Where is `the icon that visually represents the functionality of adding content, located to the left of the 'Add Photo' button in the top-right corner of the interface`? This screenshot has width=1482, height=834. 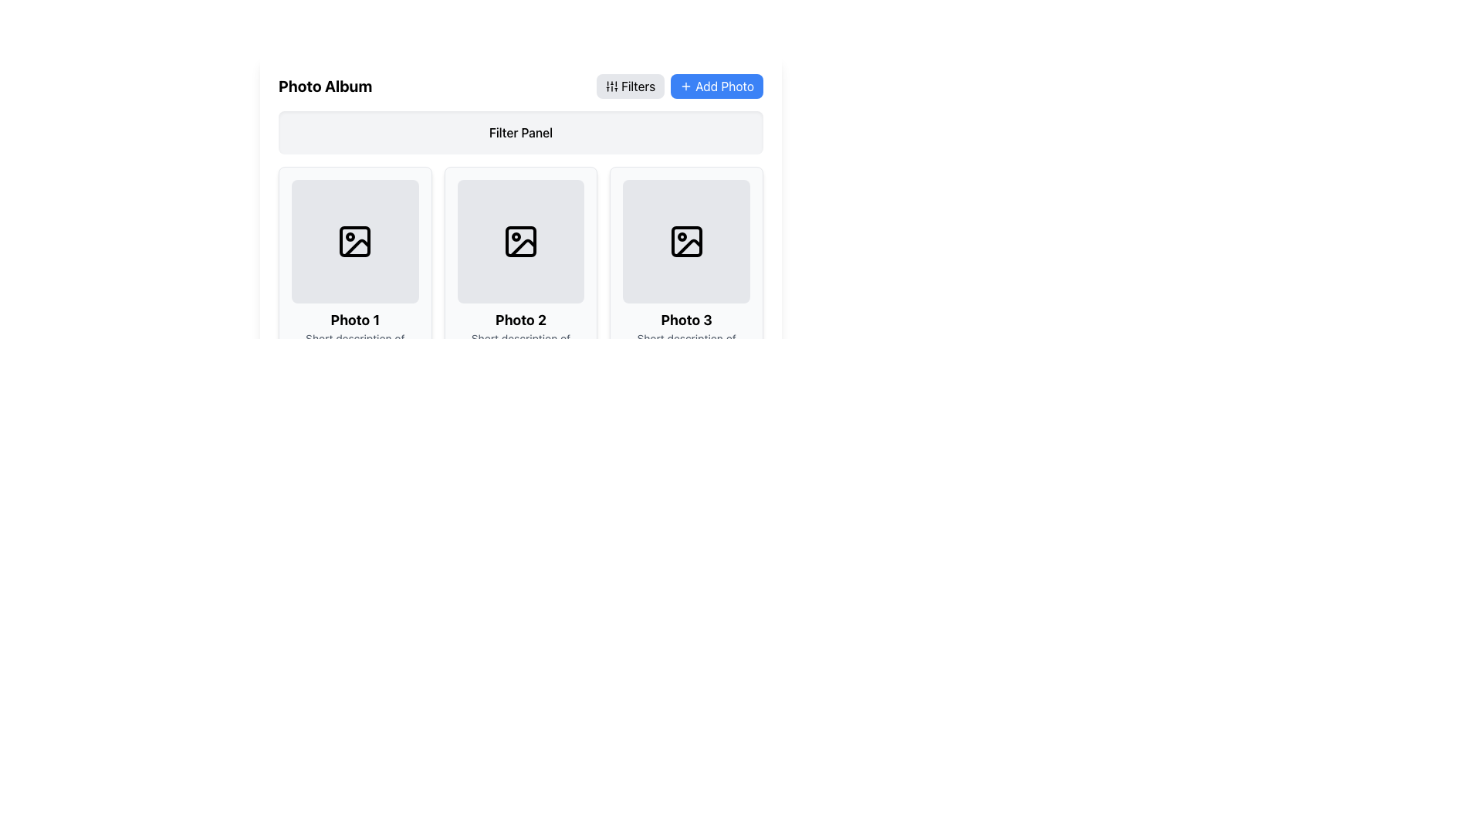
the icon that visually represents the functionality of adding content, located to the left of the 'Add Photo' button in the top-right corner of the interface is located at coordinates (685, 86).